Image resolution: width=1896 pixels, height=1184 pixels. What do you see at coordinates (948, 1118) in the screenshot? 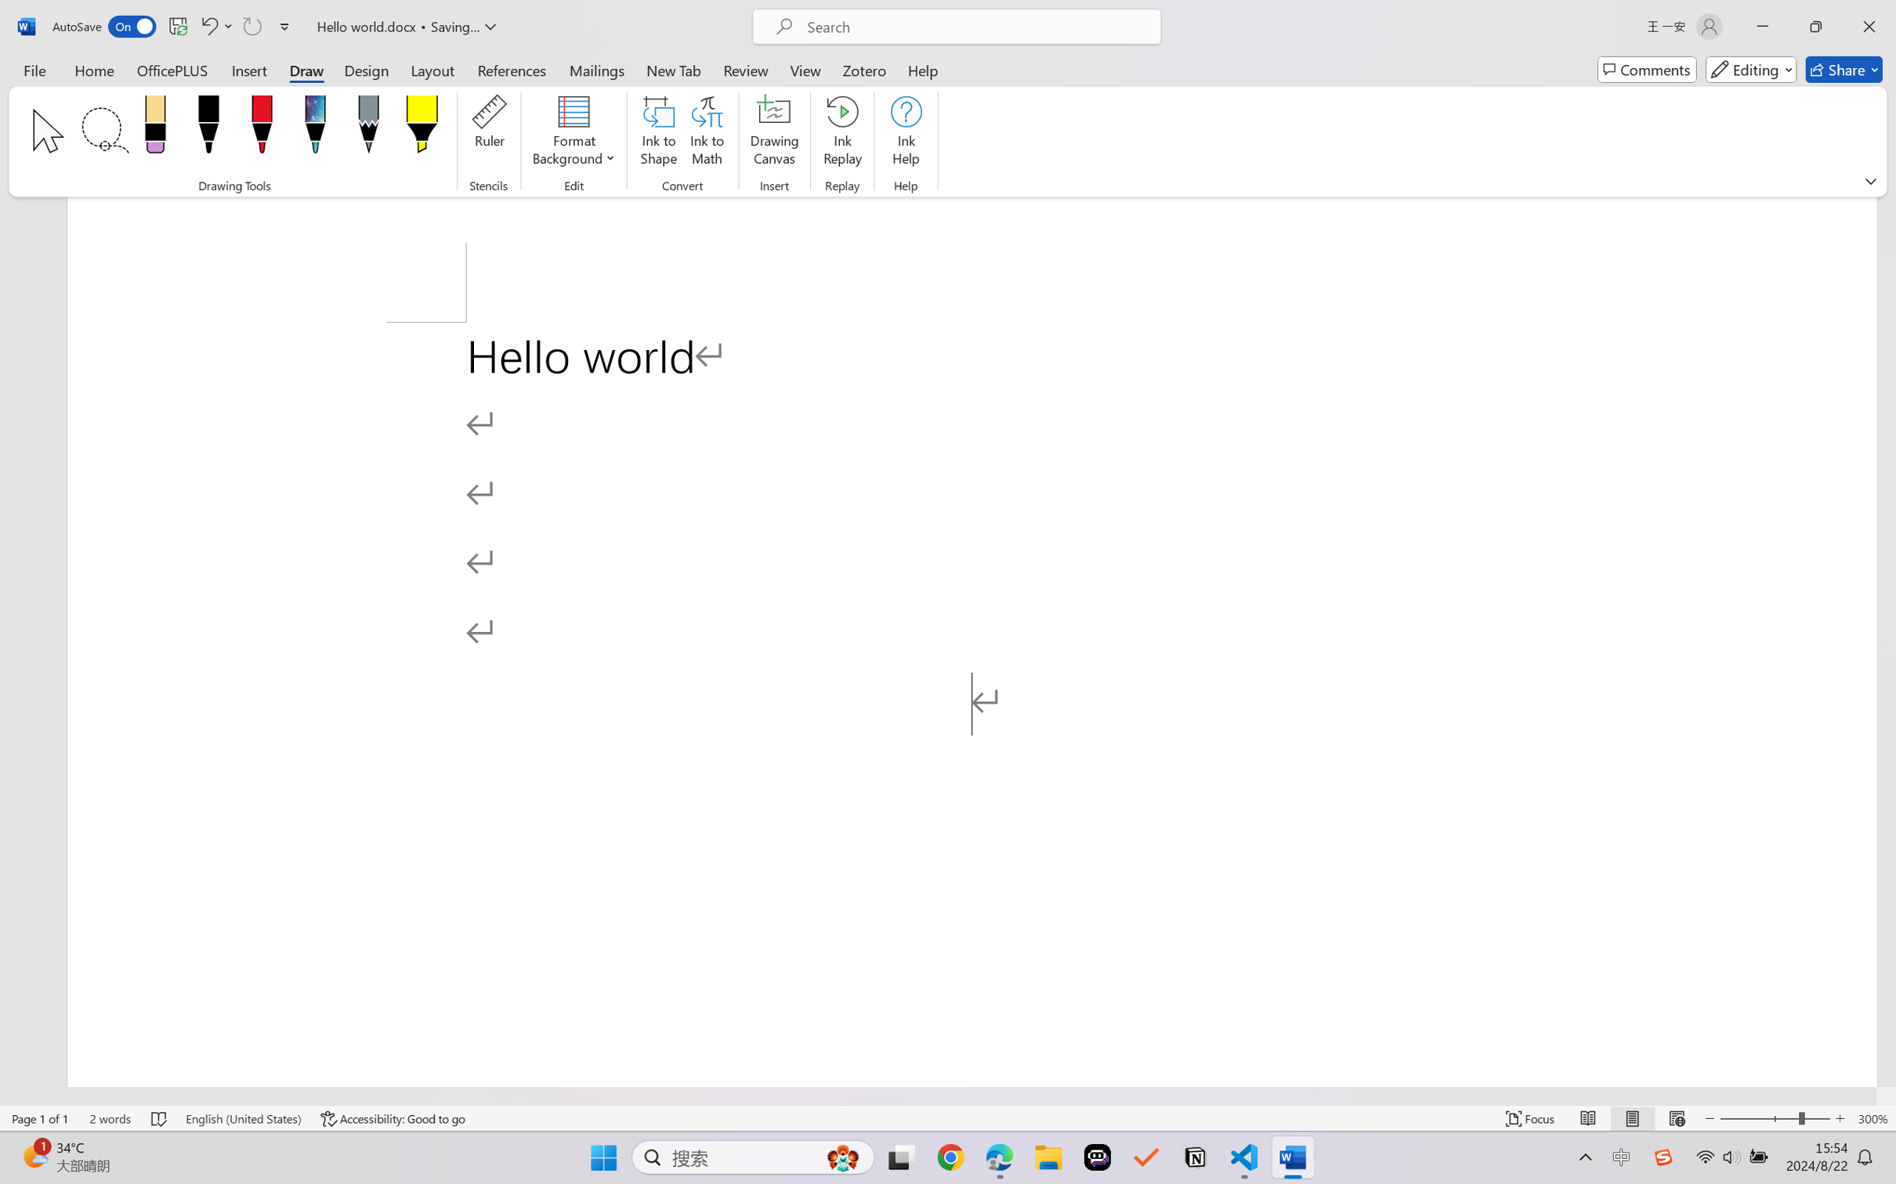
I see `'Class: MsoCommandBar'` at bounding box center [948, 1118].